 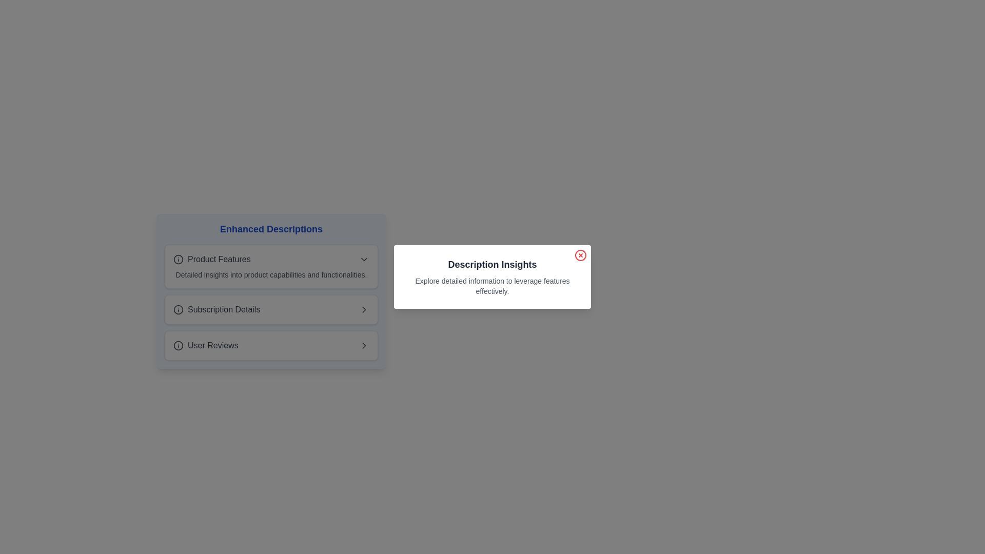 I want to click on the outlined circular icon representing information, located next to the 'Subscription Details' label, so click(x=178, y=309).